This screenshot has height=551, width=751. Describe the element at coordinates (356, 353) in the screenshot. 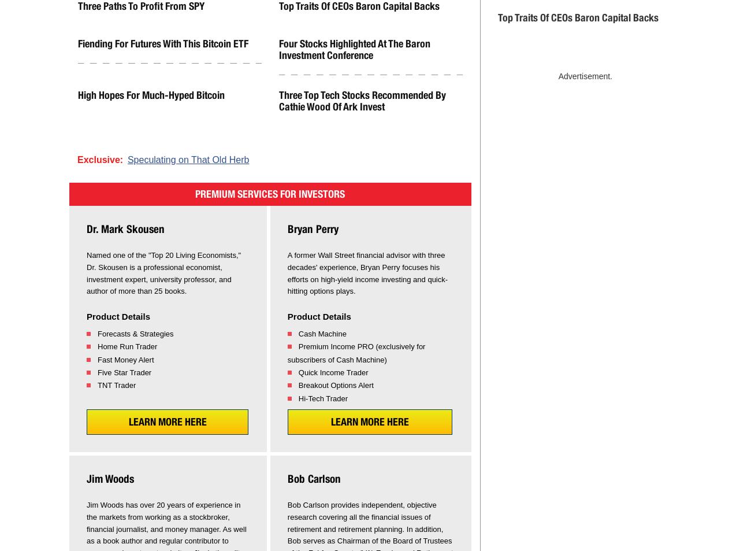

I see `'Premium Income PRO (exclusively for subscribers of Cash Machine)'` at that location.